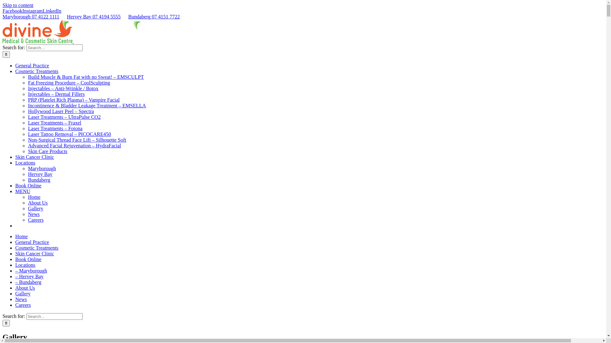 This screenshot has width=611, height=343. Describe the element at coordinates (35, 219) in the screenshot. I see `'Careers'` at that location.